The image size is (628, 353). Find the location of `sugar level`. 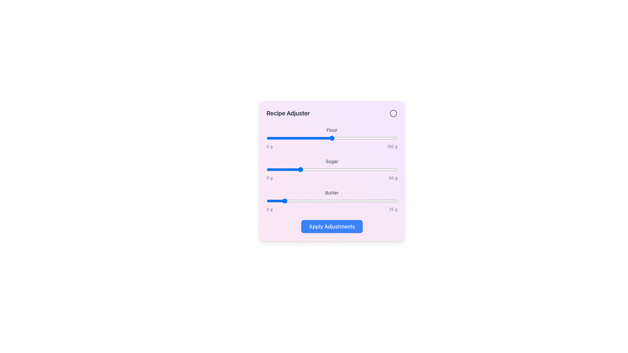

sugar level is located at coordinates (345, 169).